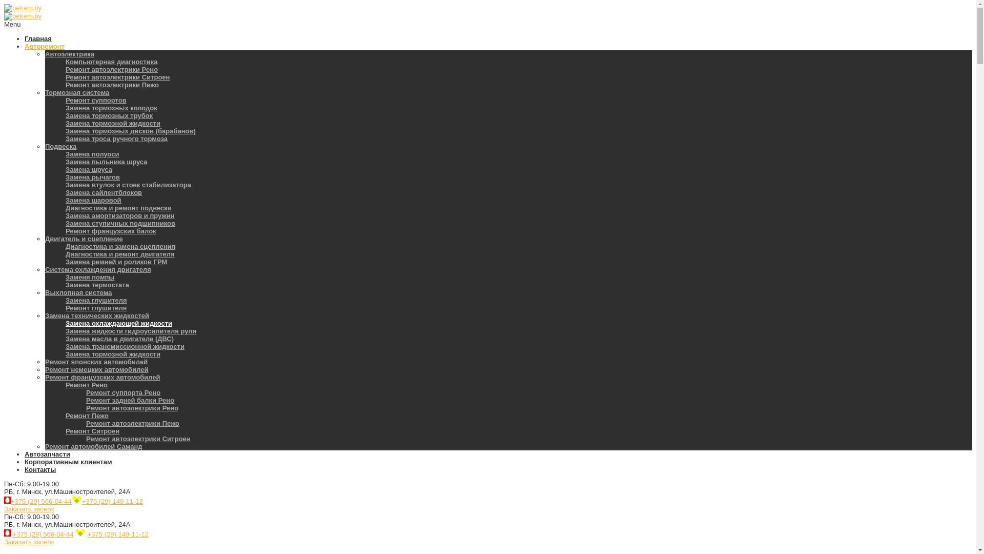 This screenshot has width=984, height=554. Describe the element at coordinates (41, 501) in the screenshot. I see `'+375 (29) 566-04-44'` at that location.